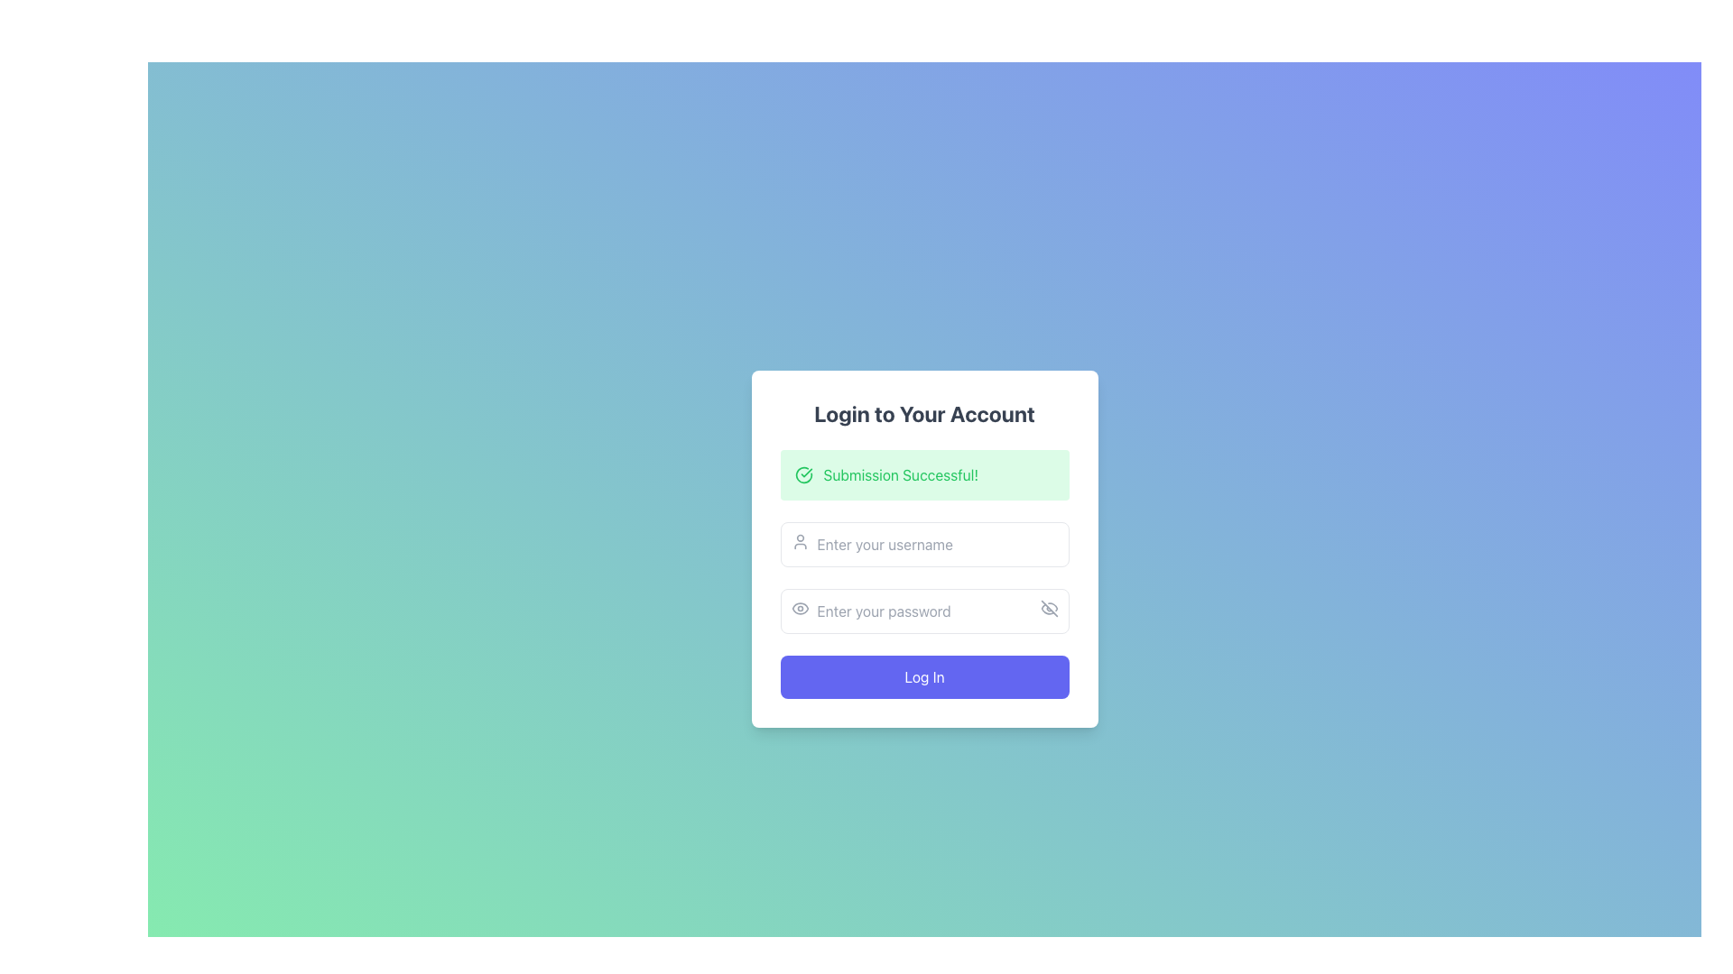 Image resolution: width=1733 pixels, height=974 pixels. What do you see at coordinates (802, 474) in the screenshot?
I see `the green circle icon with a thick outline and check mark symbol, located in the green notification bar displaying 'Submission Successful!' at the top of the login form` at bounding box center [802, 474].